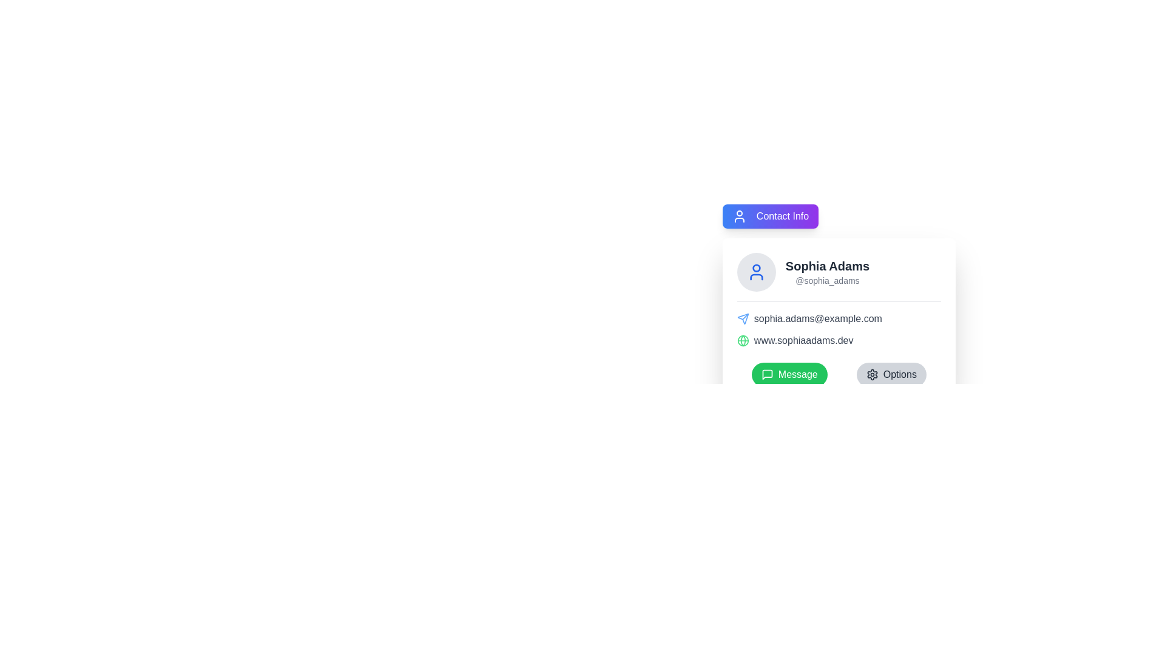 This screenshot has width=1165, height=655. What do you see at coordinates (766, 374) in the screenshot?
I see `the message icon located inside the green 'Message' button at the bottom-left of the user profile section` at bounding box center [766, 374].